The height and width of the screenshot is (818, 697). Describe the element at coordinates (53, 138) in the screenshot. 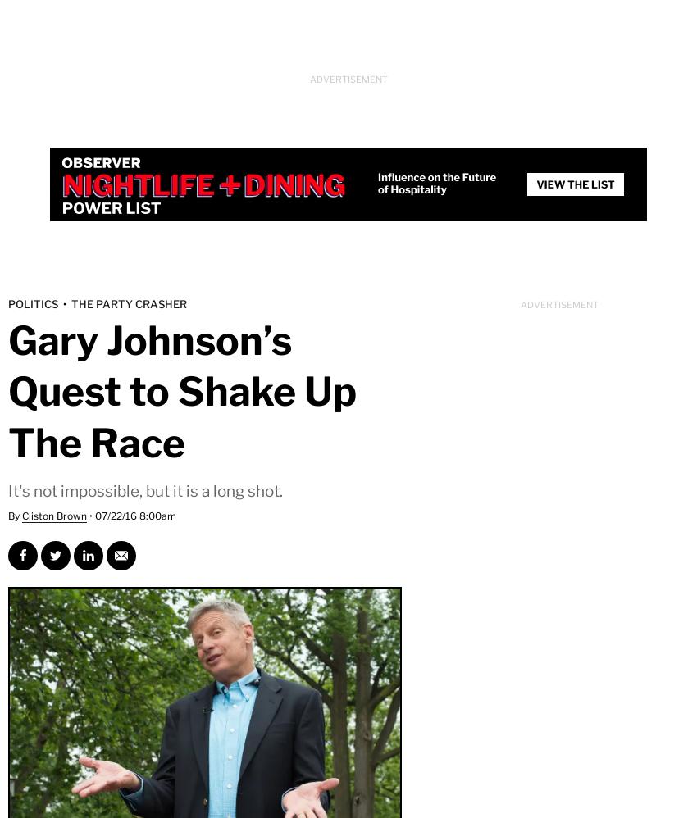

I see `'What to Watch'` at that location.